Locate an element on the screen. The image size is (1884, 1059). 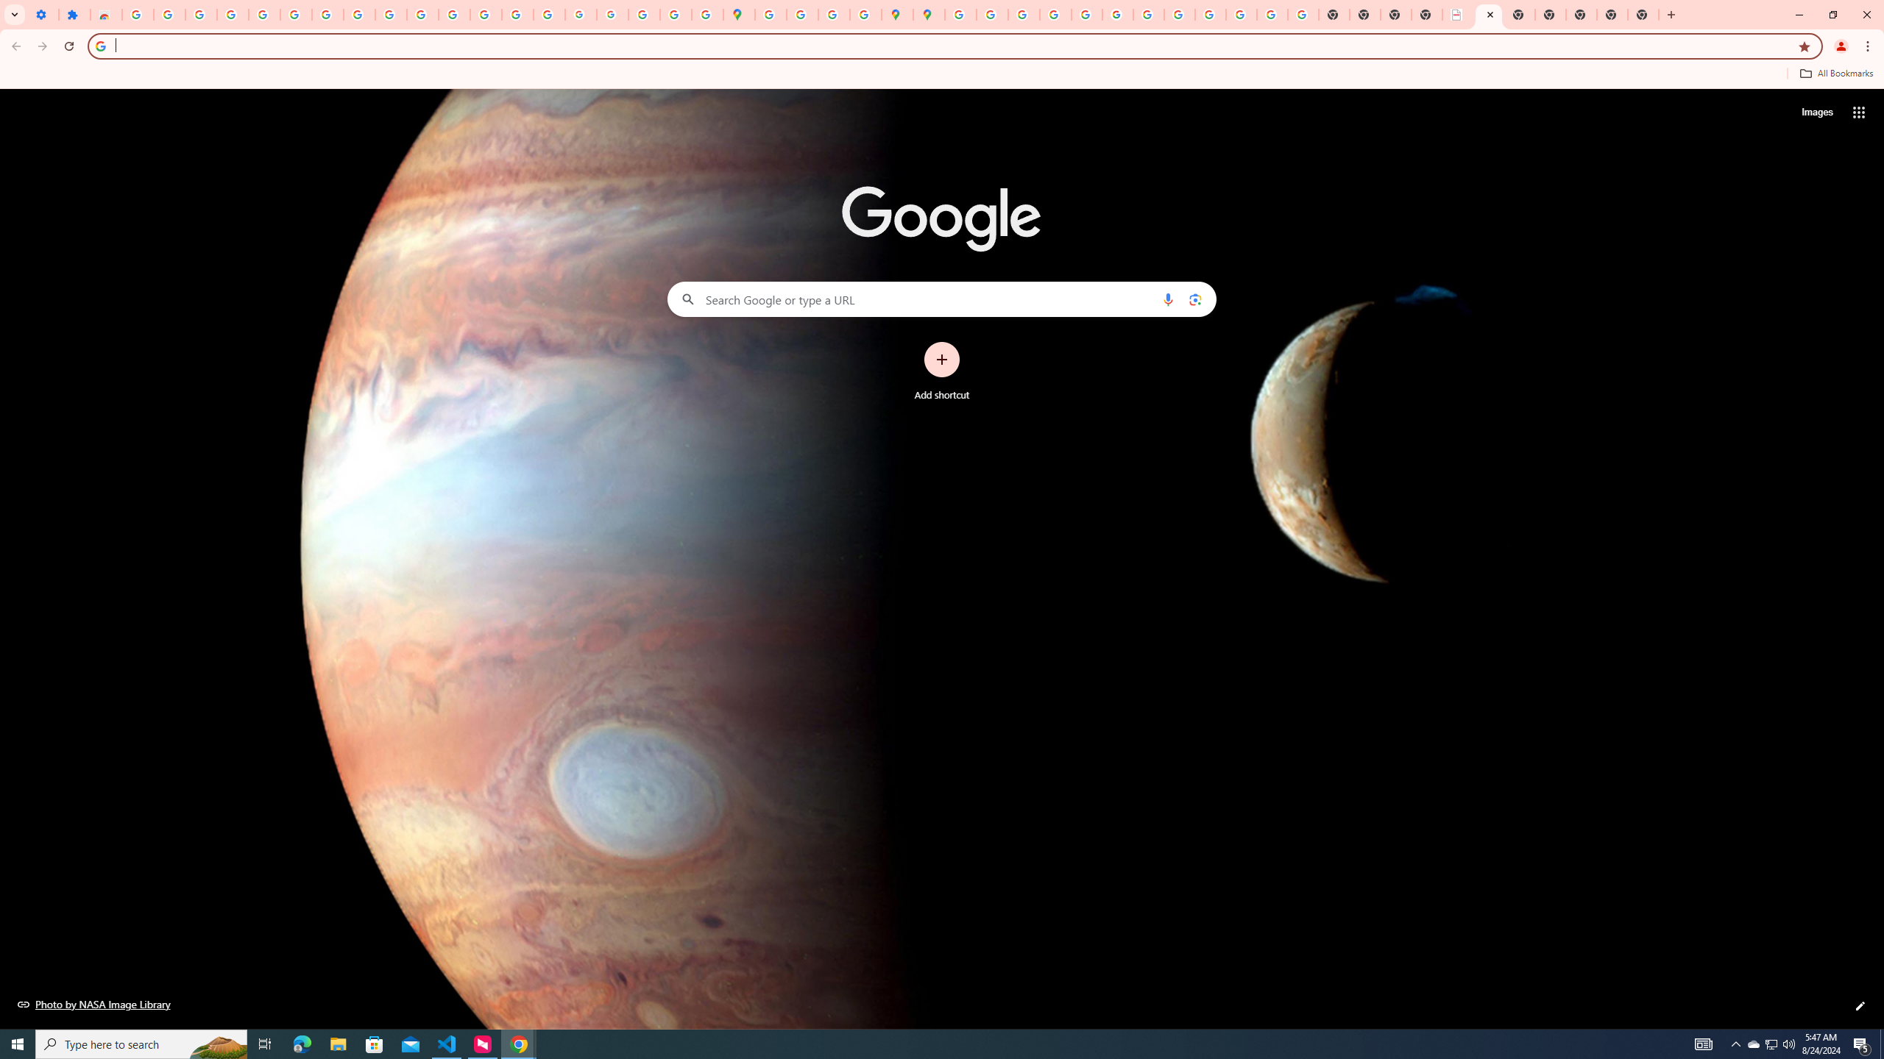
'Settings - On startup' is located at coordinates (42, 14).